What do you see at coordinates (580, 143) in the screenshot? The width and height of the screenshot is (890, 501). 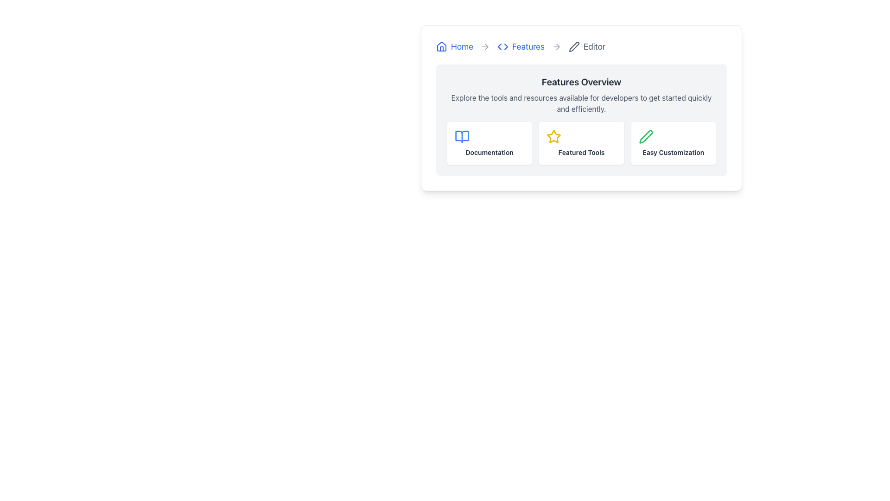 I see `the Clickable Card in the Features Overview section` at bounding box center [580, 143].